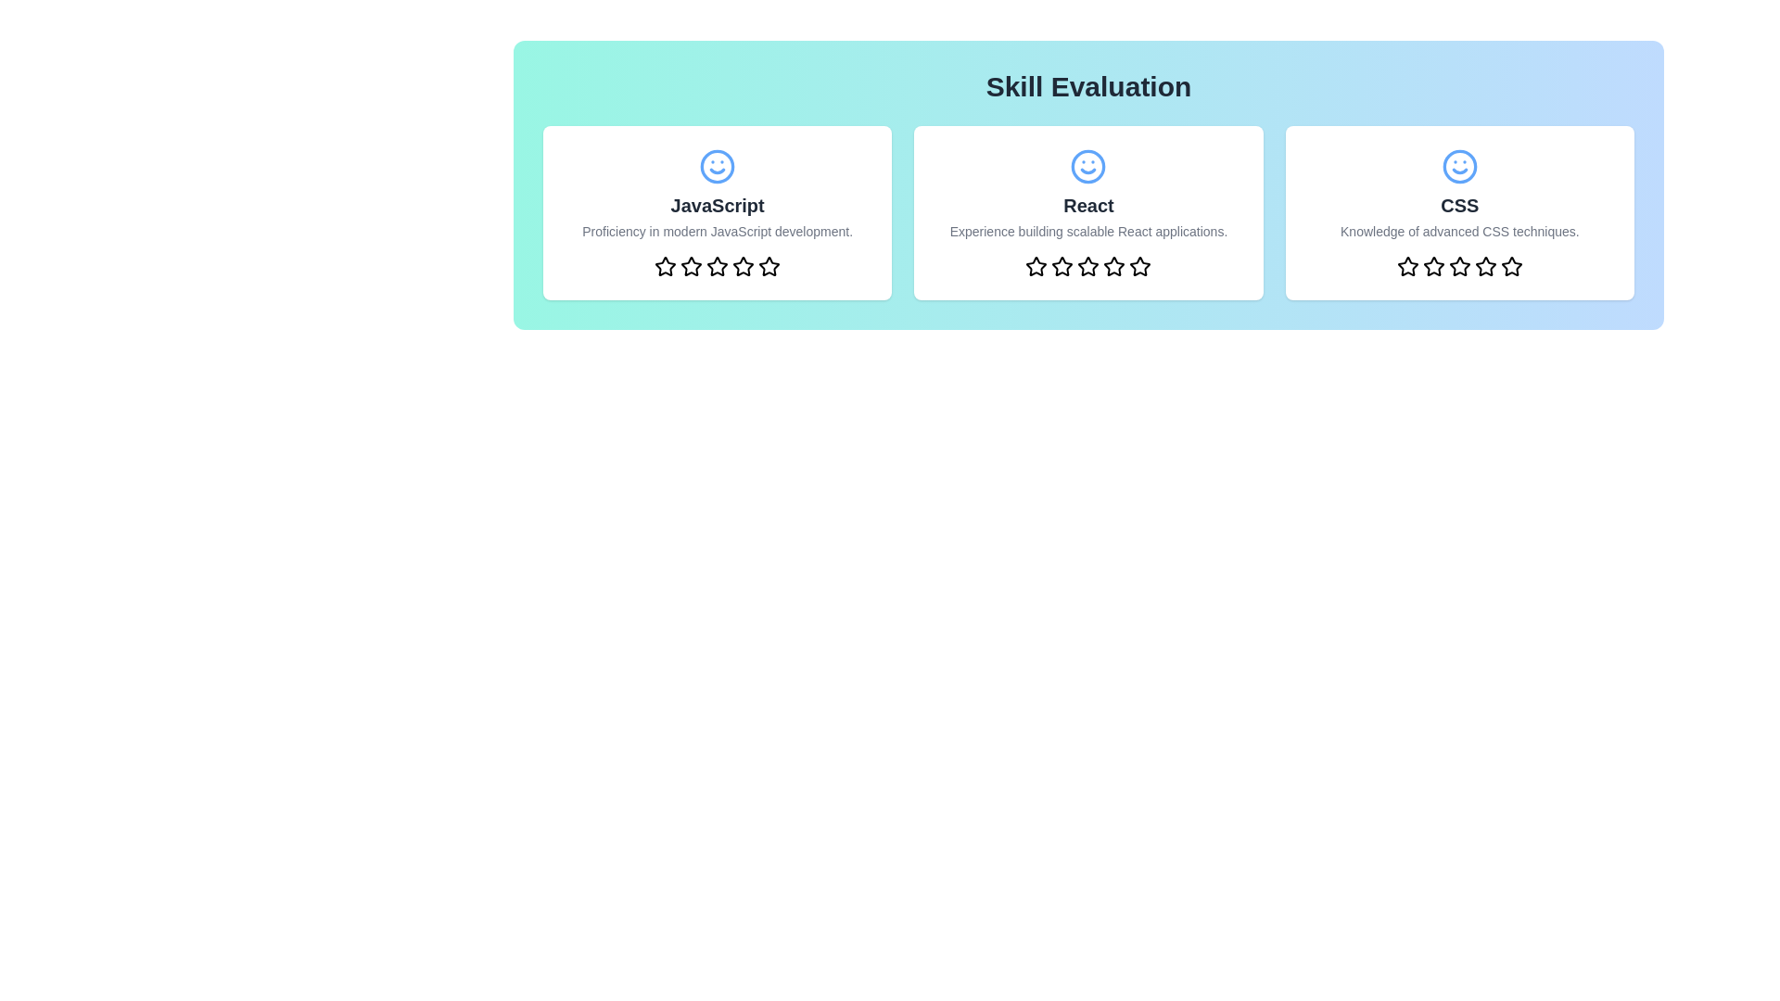 The height and width of the screenshot is (1001, 1780). What do you see at coordinates (1088, 86) in the screenshot?
I see `the title of the component labeled 'Skill Evaluation'` at bounding box center [1088, 86].